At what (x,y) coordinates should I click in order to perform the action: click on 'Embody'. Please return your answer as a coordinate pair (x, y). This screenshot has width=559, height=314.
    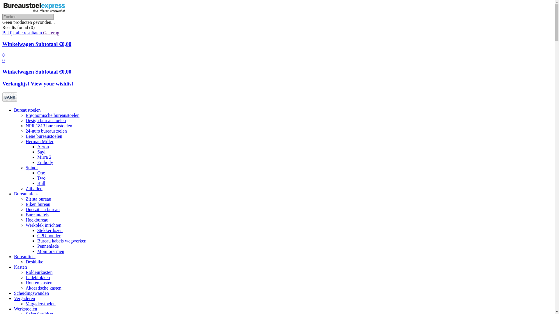
    Looking at the image, I should click on (45, 162).